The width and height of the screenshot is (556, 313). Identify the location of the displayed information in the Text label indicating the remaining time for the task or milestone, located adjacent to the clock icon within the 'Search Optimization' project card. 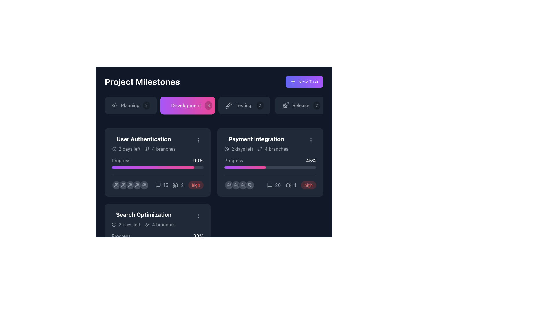
(129, 224).